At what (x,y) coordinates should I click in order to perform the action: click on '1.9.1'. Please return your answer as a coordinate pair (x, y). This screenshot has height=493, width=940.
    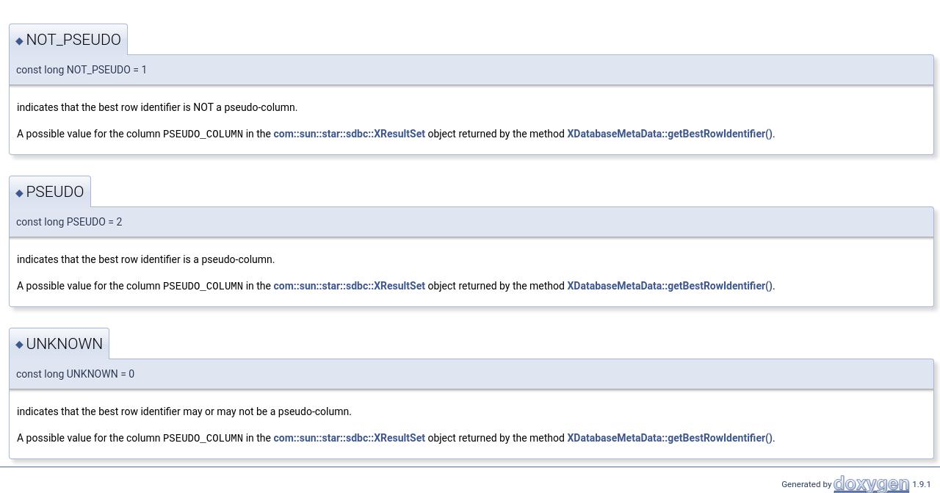
    Looking at the image, I should click on (919, 482).